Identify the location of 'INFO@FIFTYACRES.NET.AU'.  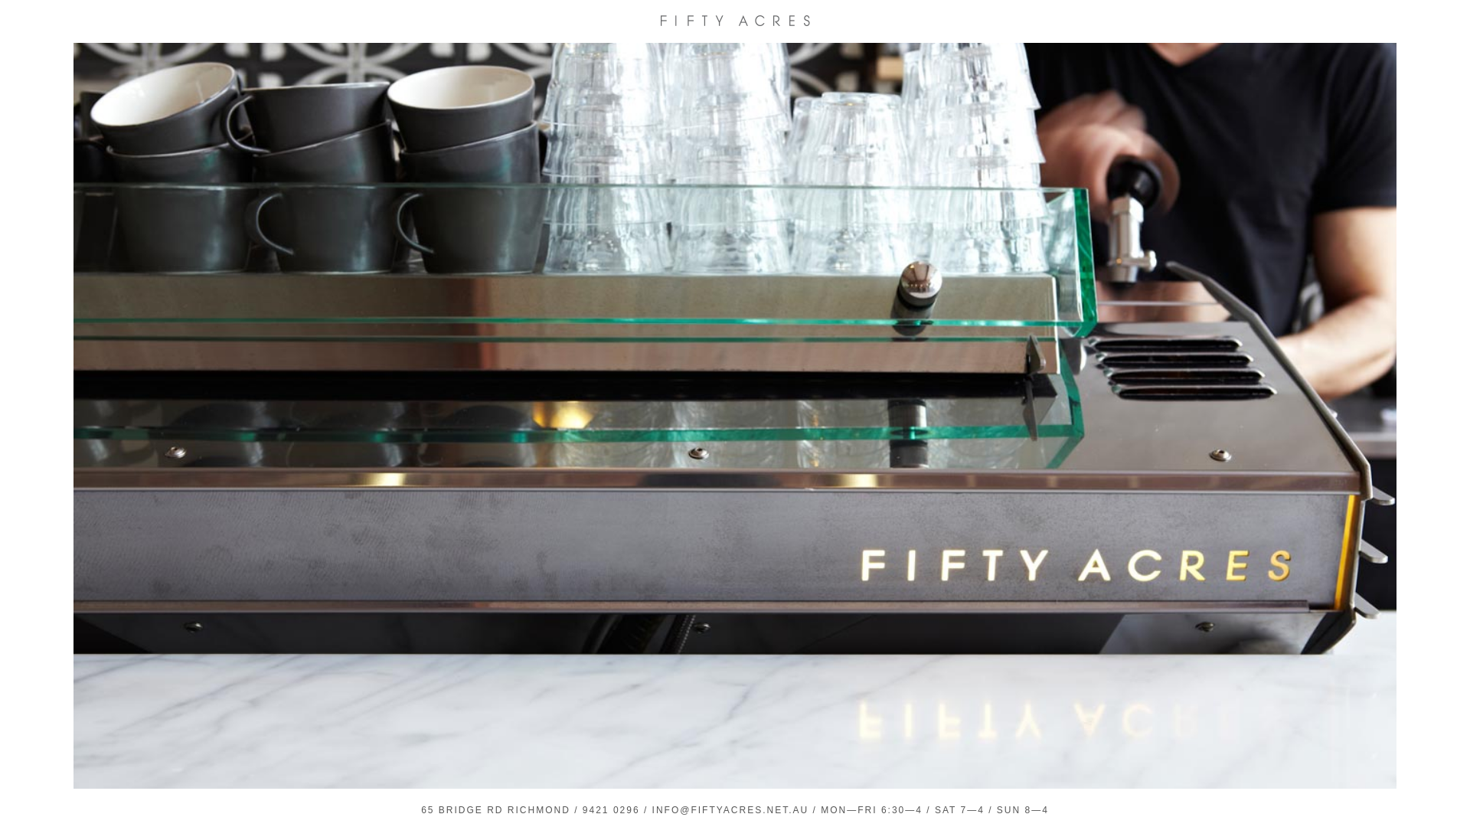
(730, 809).